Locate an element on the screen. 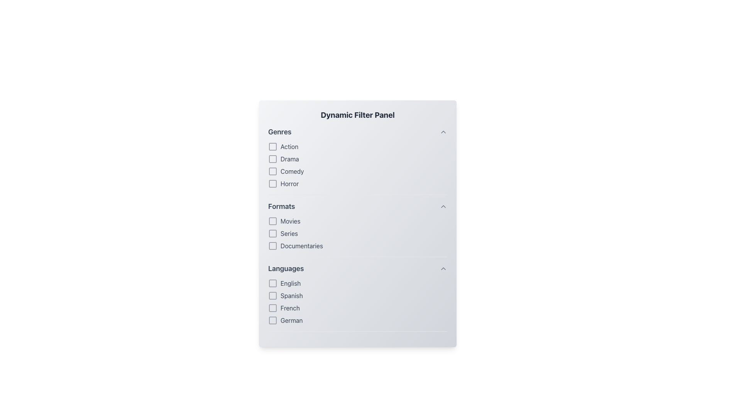 The width and height of the screenshot is (741, 417). the square-shaped interactive Checkbox located to the left of the label 'Documentaries' in the 'Formats' section of the 'Dynamic Filter Panel' is located at coordinates (272, 246).